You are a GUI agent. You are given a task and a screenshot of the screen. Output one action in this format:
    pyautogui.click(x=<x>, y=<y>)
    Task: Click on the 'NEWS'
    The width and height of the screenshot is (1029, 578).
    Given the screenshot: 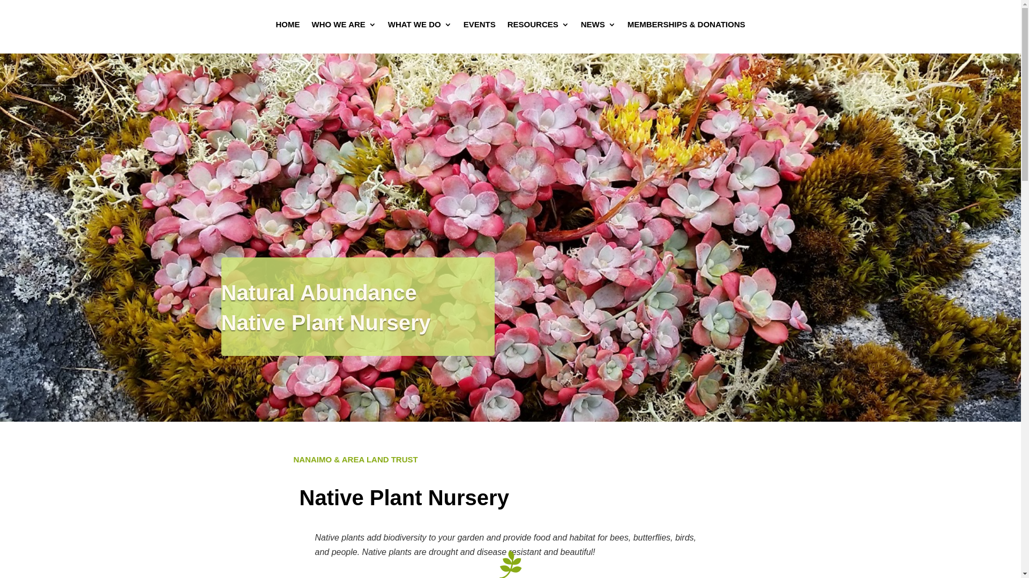 What is the action you would take?
    pyautogui.click(x=580, y=26)
    